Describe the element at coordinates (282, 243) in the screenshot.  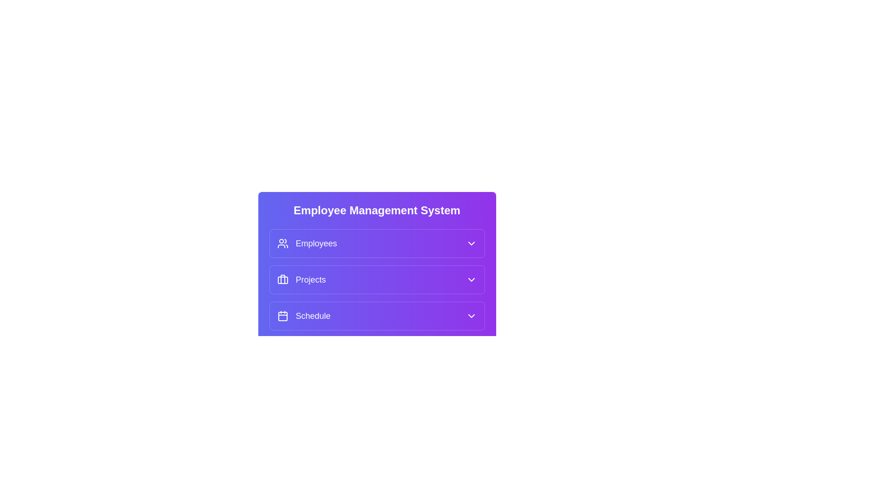
I see `the decorative 'Employees' icon located on the leftmost side of the row labeled 'Employees' in the vertical list of options` at that location.